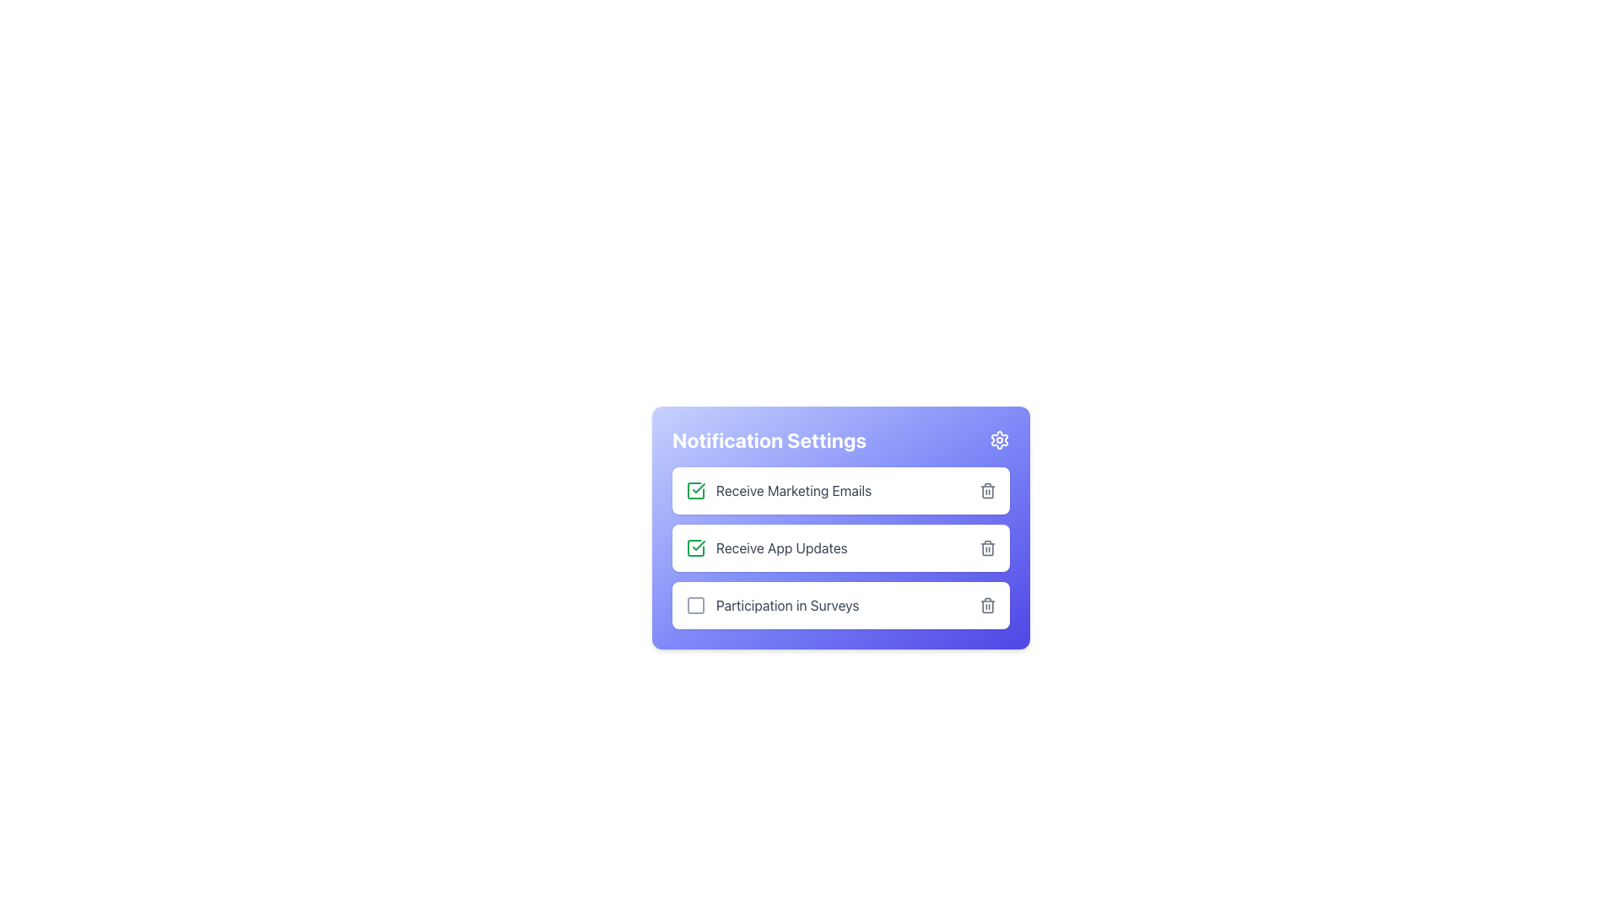 Image resolution: width=1620 pixels, height=911 pixels. Describe the element at coordinates (841, 548) in the screenshot. I see `the second item in the vertical list of options under the 'Notification Settings' section, which allows users to manage their preference for receiving app updates` at that location.